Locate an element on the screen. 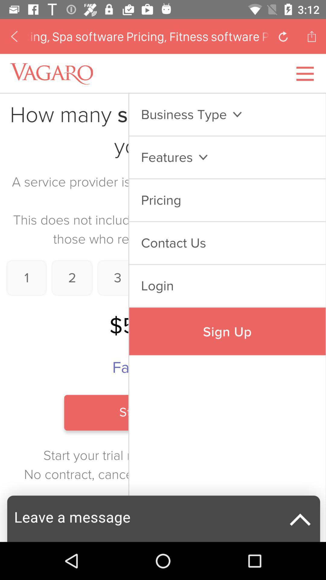  previous is located at coordinates (283, 36).